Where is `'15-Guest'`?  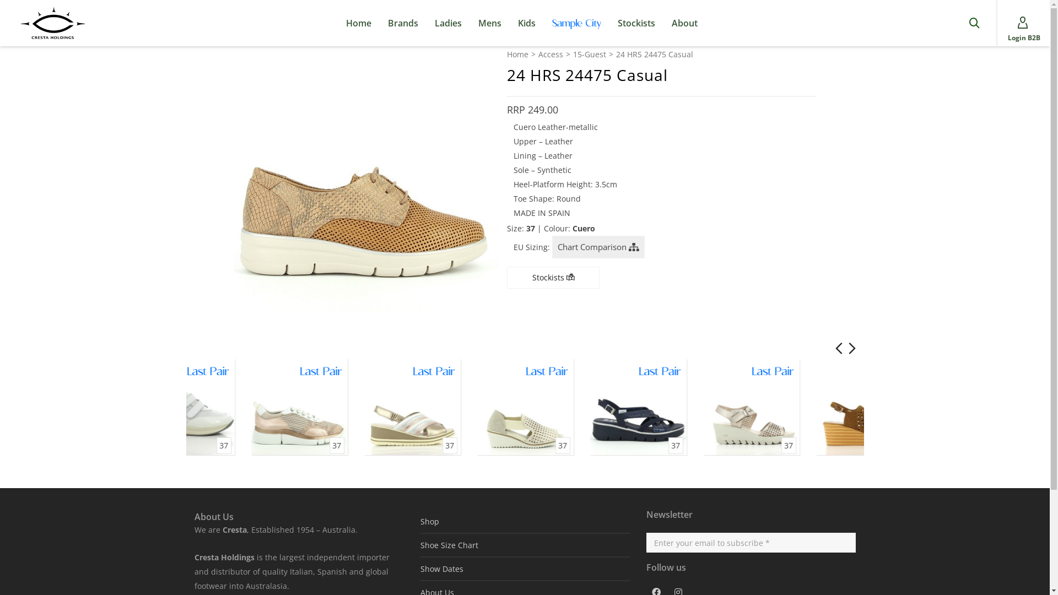 '15-Guest' is located at coordinates (589, 55).